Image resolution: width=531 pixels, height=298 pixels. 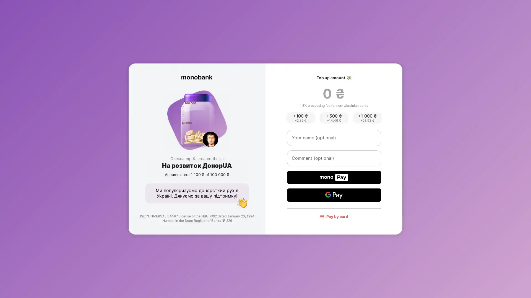 What do you see at coordinates (333, 195) in the screenshot?
I see `Google Pay` at bounding box center [333, 195].